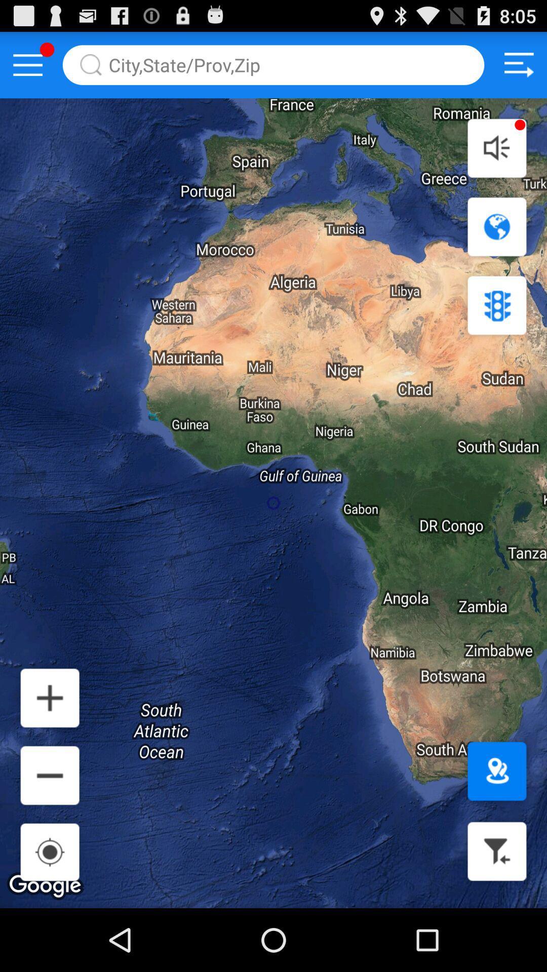 The width and height of the screenshot is (547, 972). I want to click on the filter icon, so click(496, 911).